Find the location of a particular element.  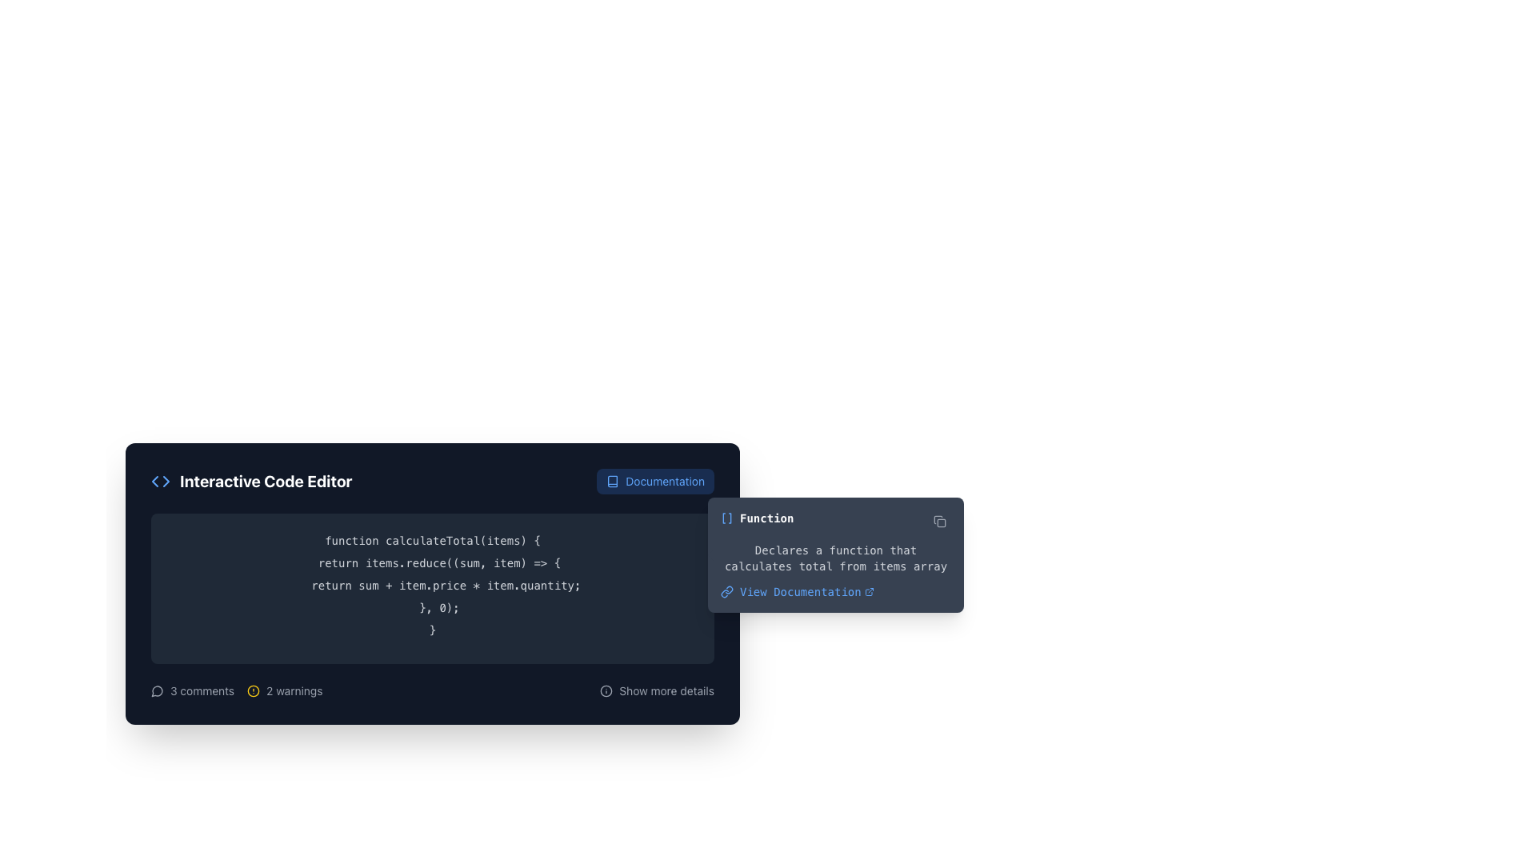

text label that displays the number of comments, located in the bottom-left section of the interface next to the chat bubble icon is located at coordinates (202, 690).